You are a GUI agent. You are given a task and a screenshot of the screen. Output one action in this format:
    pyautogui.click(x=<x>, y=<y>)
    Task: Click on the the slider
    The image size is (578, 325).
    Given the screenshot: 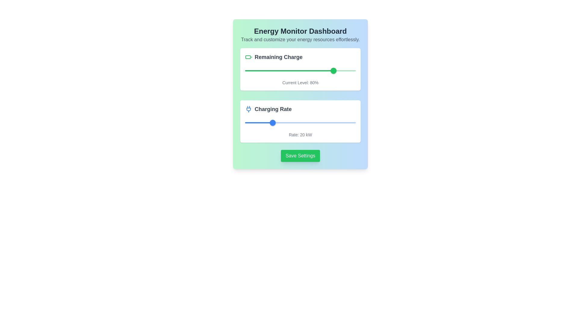 What is the action you would take?
    pyautogui.click(x=341, y=122)
    